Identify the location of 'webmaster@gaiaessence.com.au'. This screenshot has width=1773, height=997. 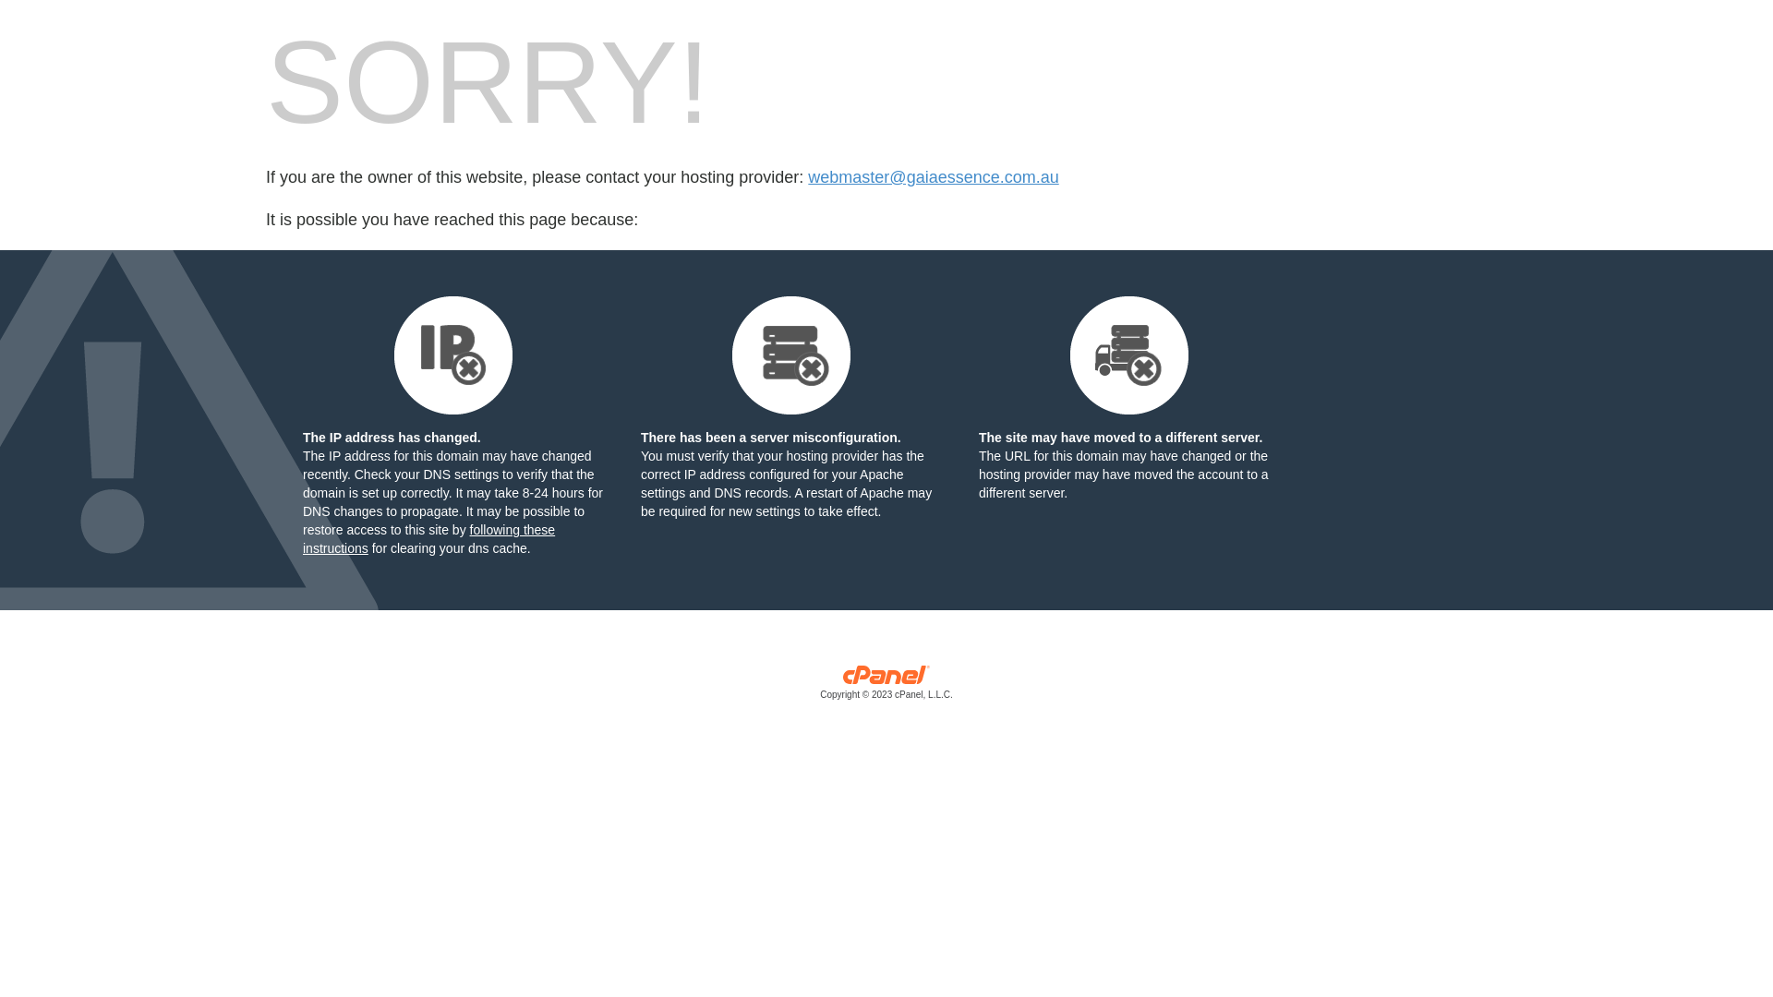
(933, 177).